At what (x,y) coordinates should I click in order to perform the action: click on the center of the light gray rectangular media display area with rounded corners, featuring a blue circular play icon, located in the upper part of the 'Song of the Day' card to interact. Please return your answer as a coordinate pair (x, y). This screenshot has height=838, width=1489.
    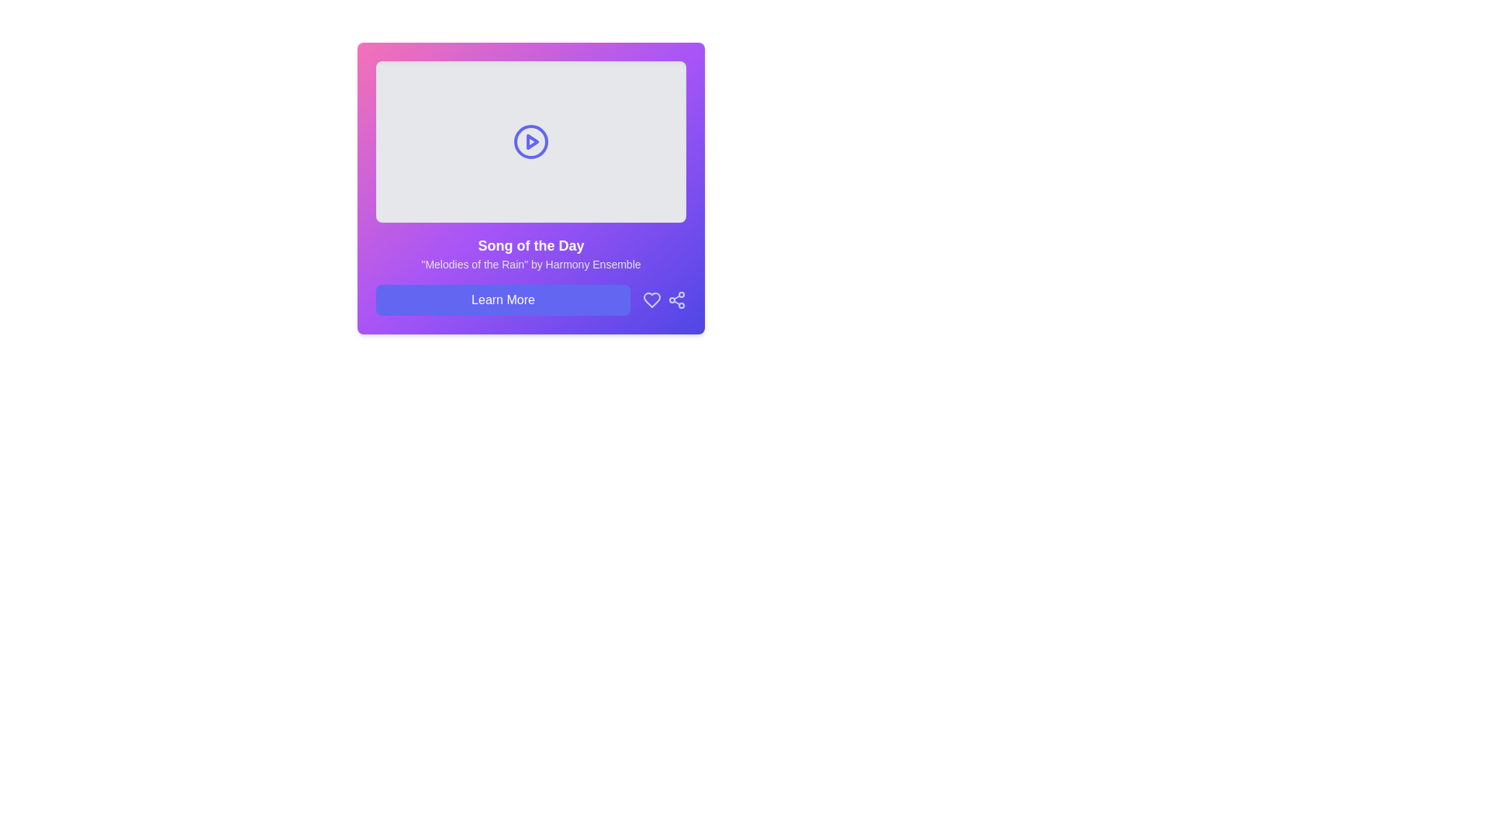
    Looking at the image, I should click on (531, 141).